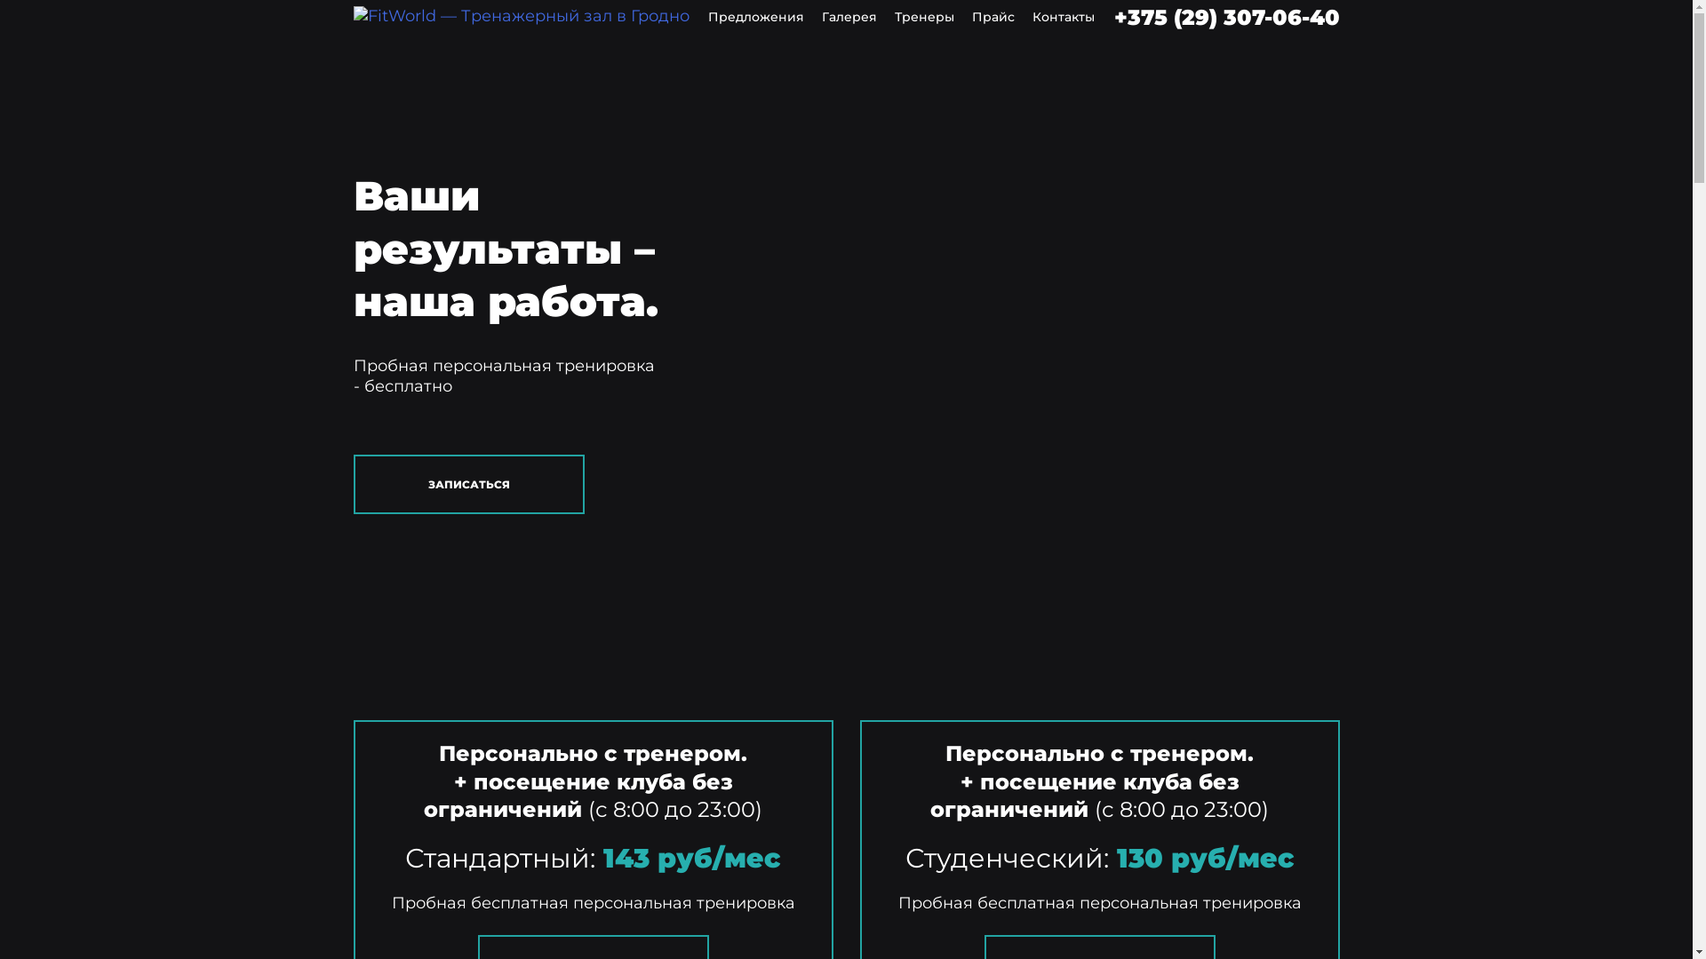  I want to click on '+375 (29) 307-06-40', so click(1226, 17).